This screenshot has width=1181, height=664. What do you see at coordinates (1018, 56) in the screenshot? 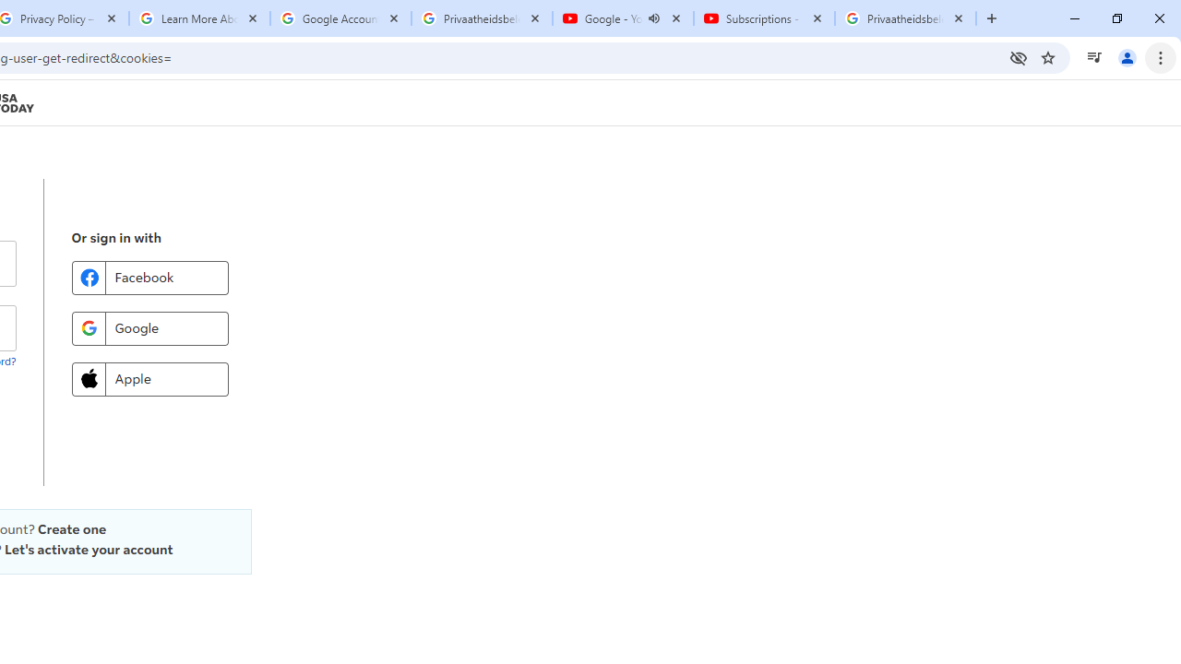
I see `'Third-party cookies blocked'` at bounding box center [1018, 56].